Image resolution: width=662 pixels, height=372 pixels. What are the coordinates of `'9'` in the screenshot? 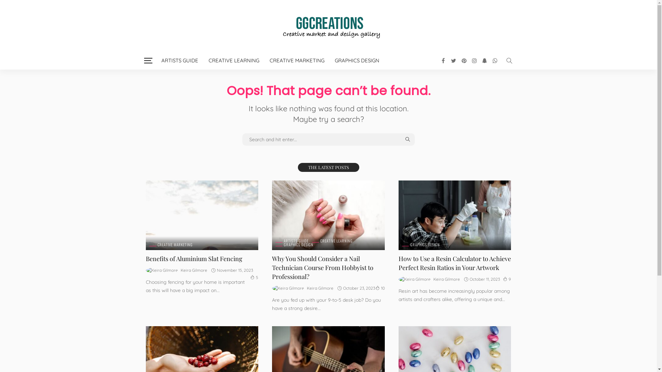 It's located at (503, 279).